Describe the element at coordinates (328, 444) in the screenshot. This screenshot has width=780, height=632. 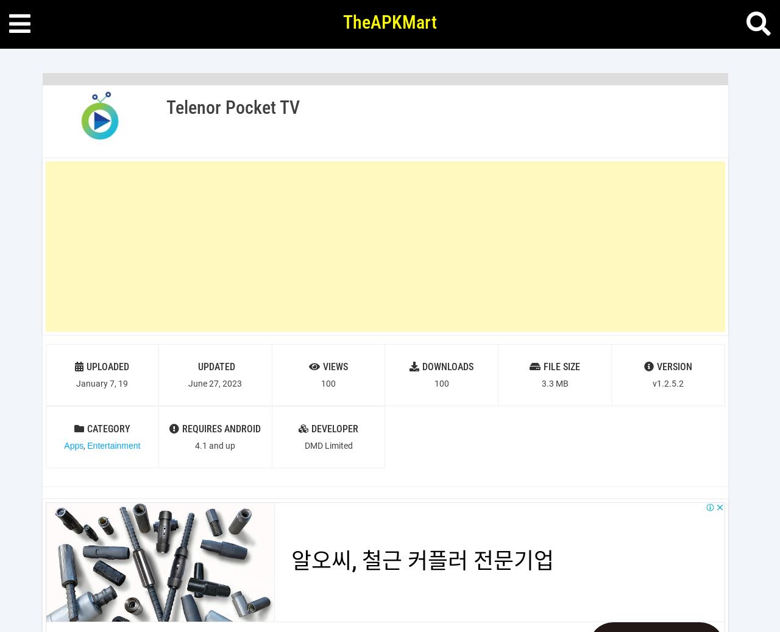
I see `'DMD Limited'` at that location.